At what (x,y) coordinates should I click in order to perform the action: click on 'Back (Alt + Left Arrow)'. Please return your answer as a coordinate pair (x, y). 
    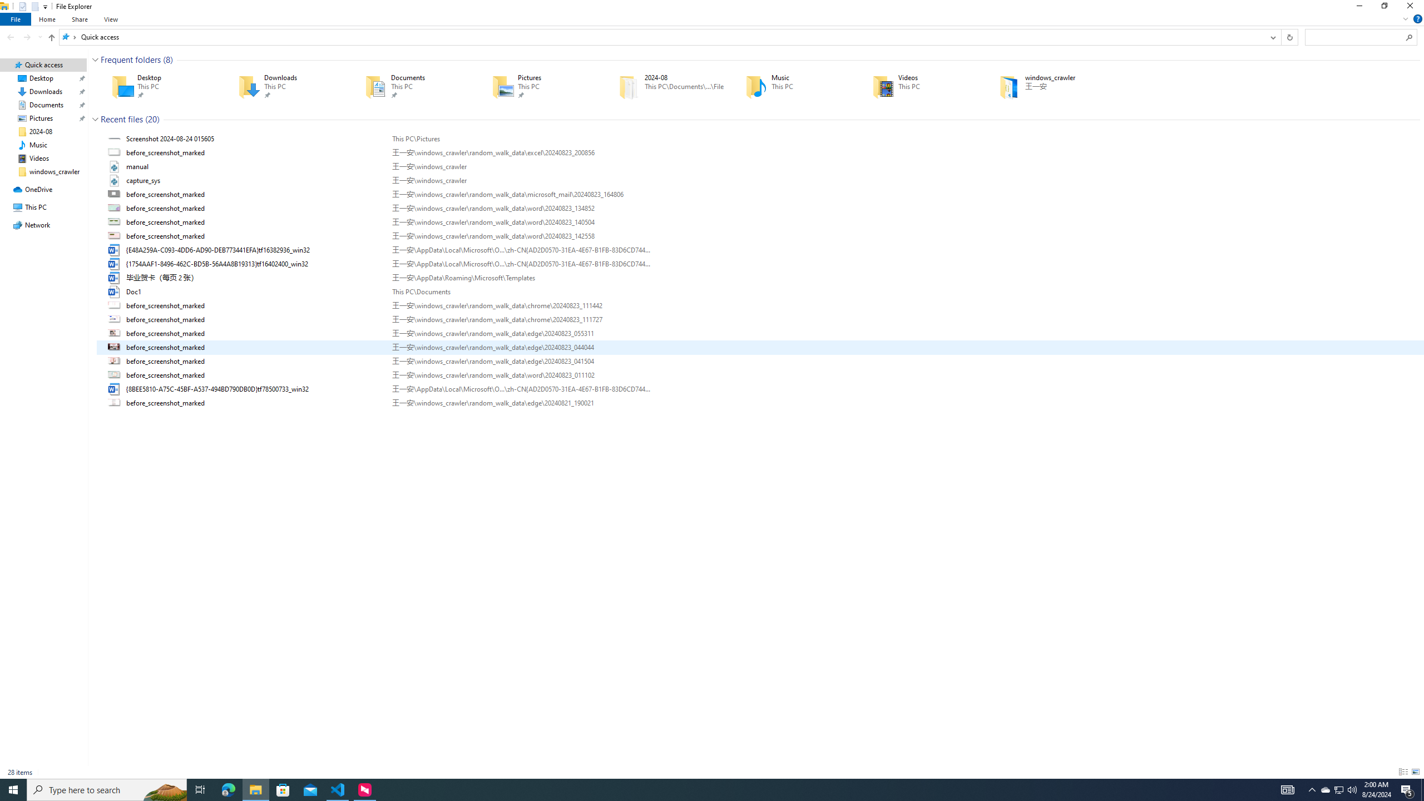
    Looking at the image, I should click on (11, 36).